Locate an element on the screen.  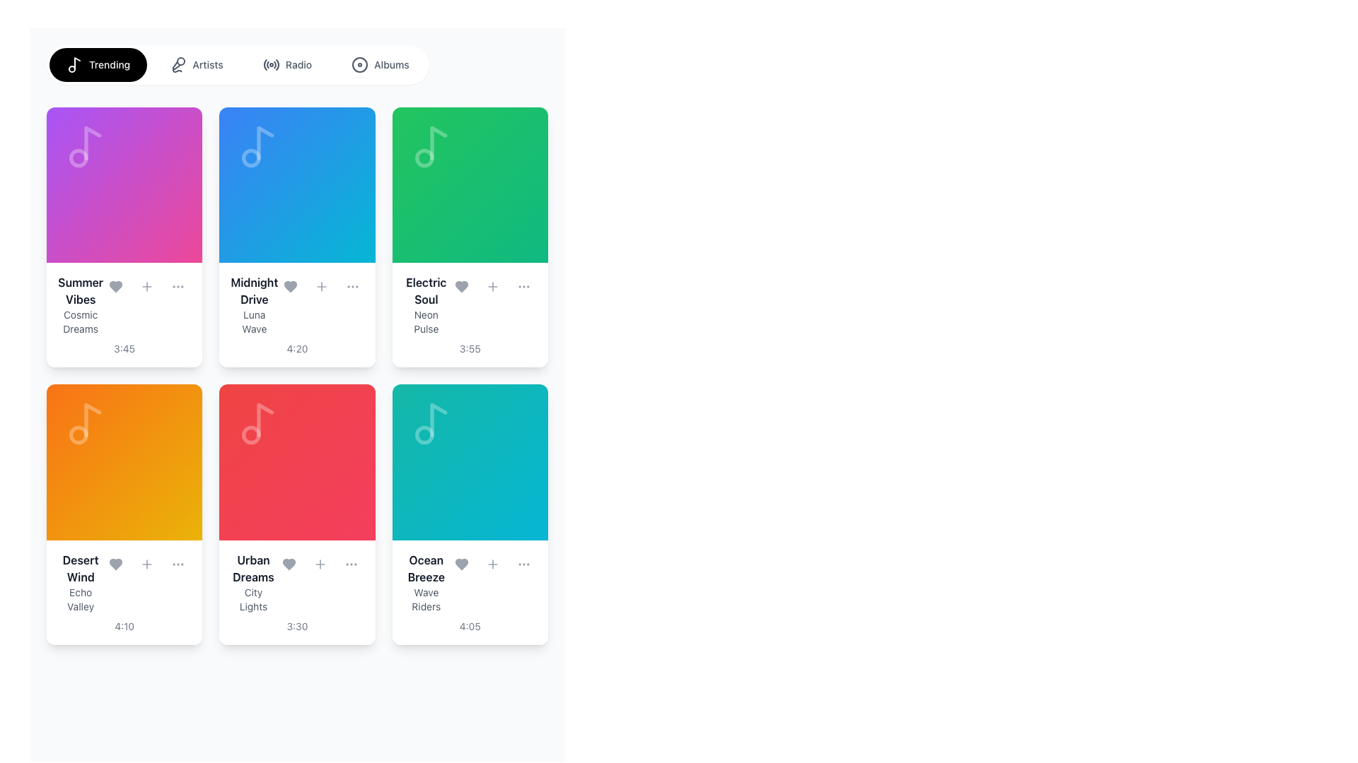
the 'Radio' navigation tab button, which is the third button in a horizontal group labeled 'Trending,' 'Artists,' 'Radio,' and 'Albums.' This action will change its background is located at coordinates (286, 65).